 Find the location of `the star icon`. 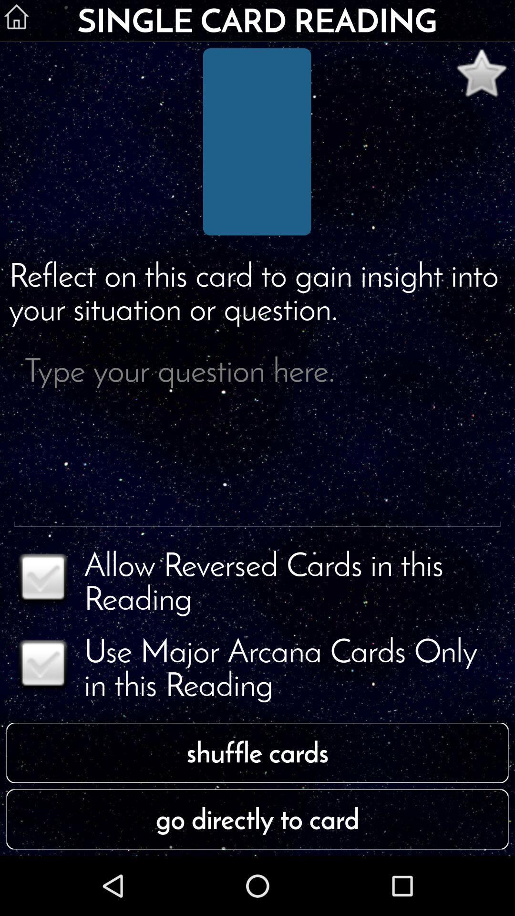

the star icon is located at coordinates (481, 78).